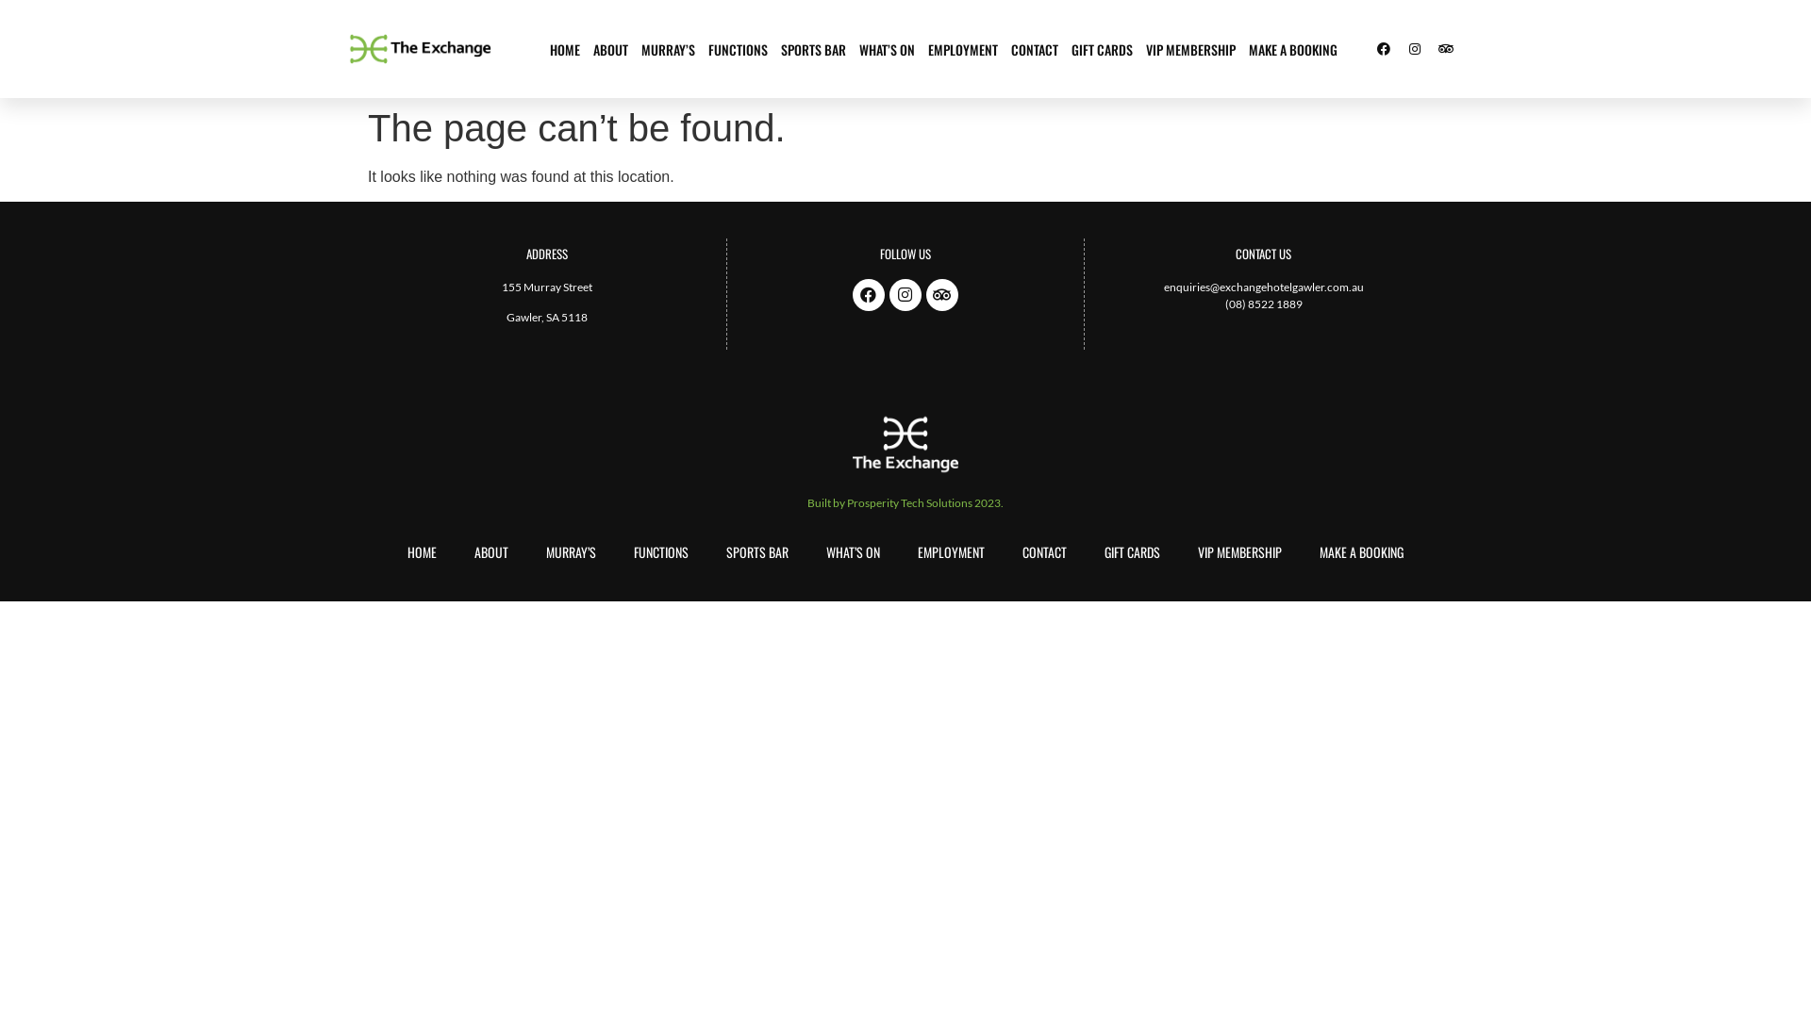  What do you see at coordinates (951, 551) in the screenshot?
I see `'EMPLOYMENT'` at bounding box center [951, 551].